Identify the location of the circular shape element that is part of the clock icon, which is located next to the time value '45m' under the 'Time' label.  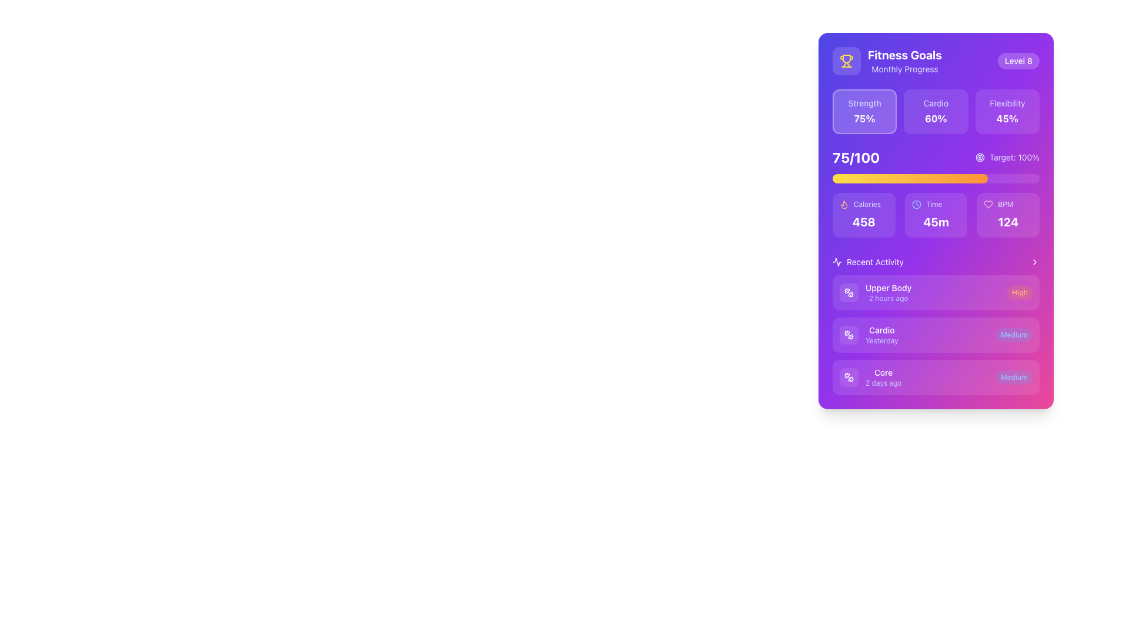
(916, 203).